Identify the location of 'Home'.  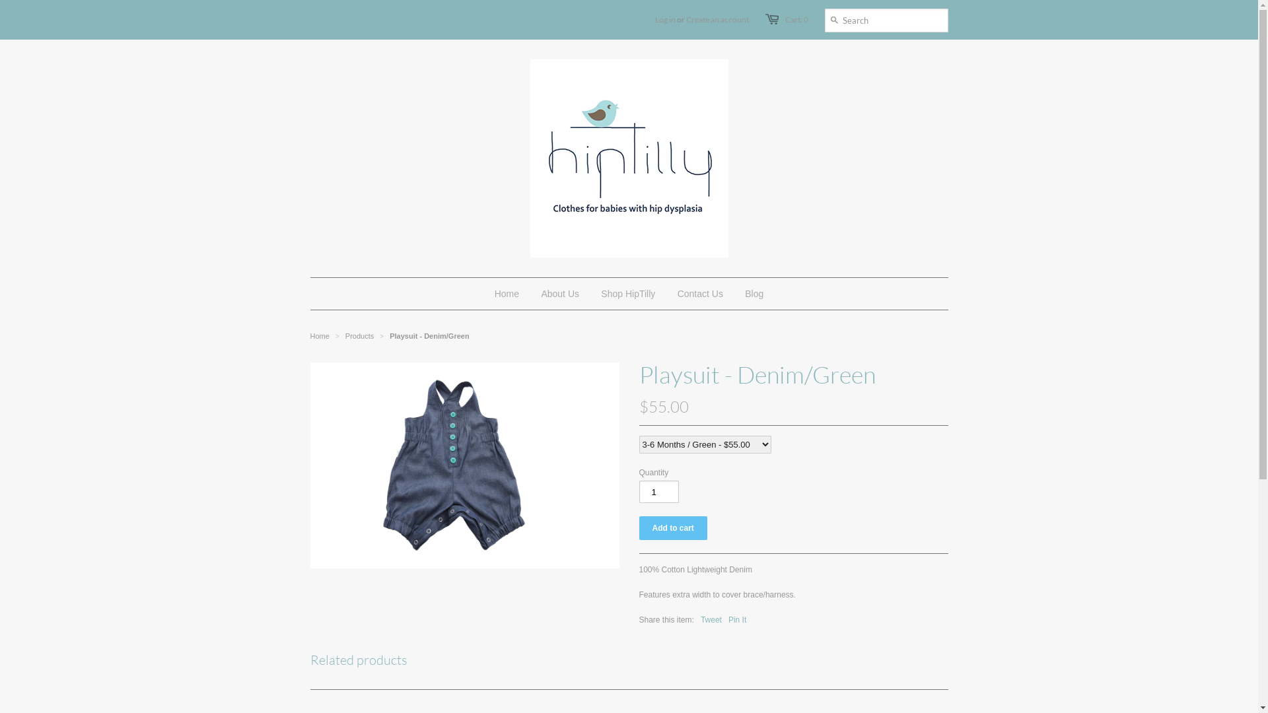
(506, 292).